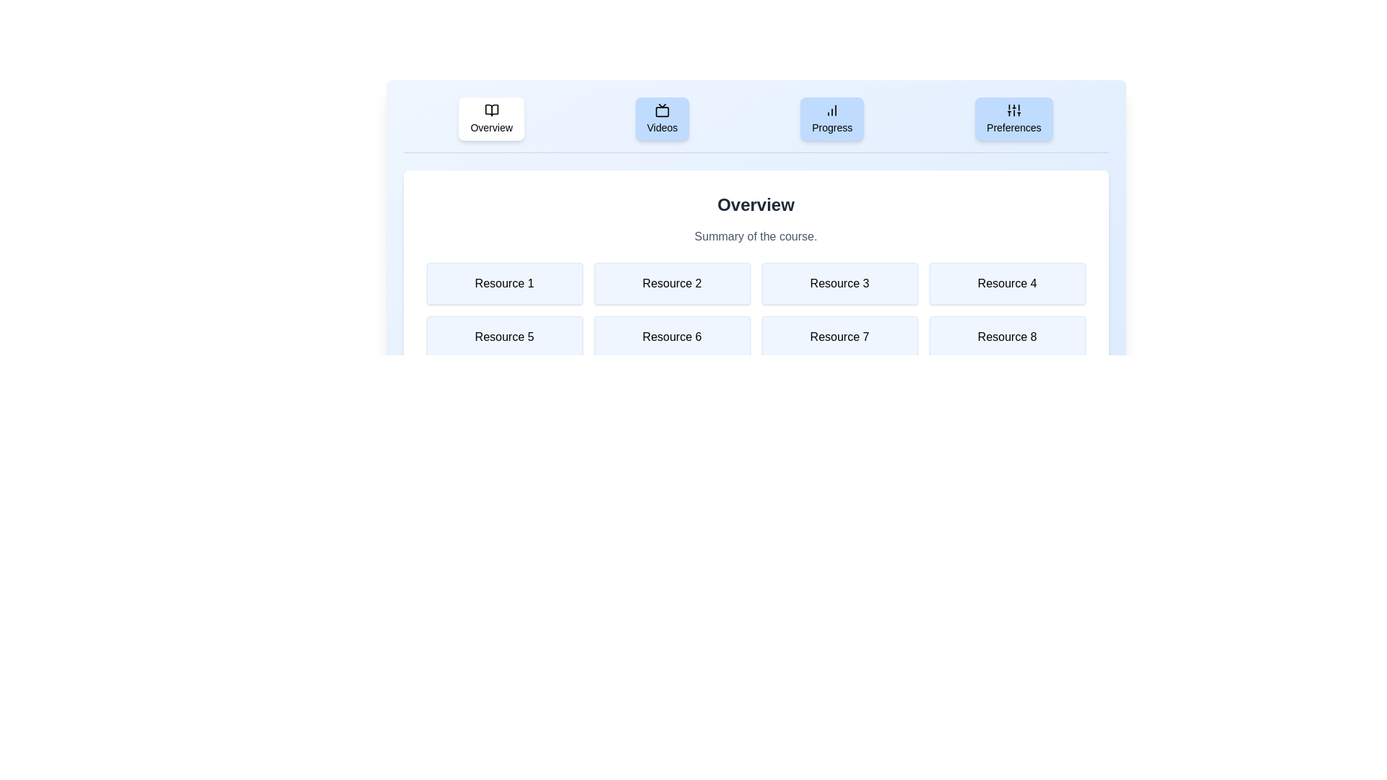 The height and width of the screenshot is (780, 1387). What do you see at coordinates (832, 118) in the screenshot?
I see `the tab labeled Progress to view its content` at bounding box center [832, 118].